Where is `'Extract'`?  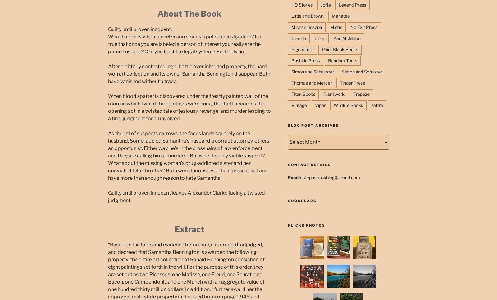 'Extract' is located at coordinates (189, 229).